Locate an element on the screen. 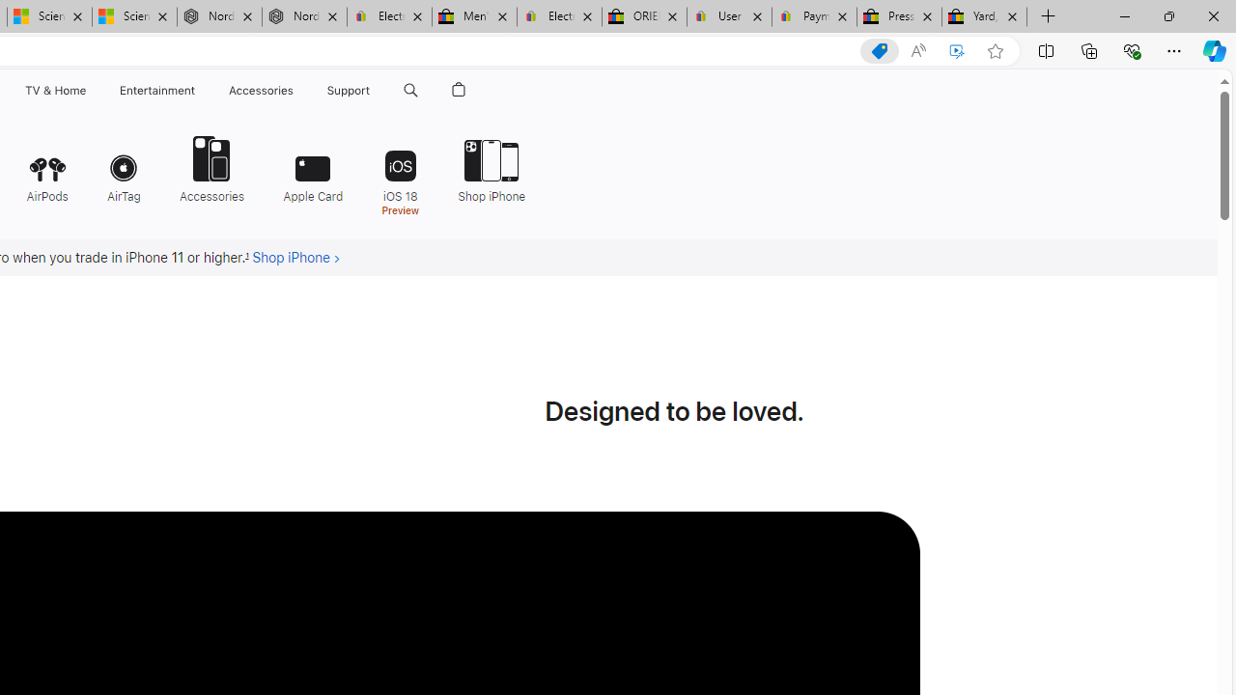 The width and height of the screenshot is (1236, 695). 'Class: globalnav-submenu-trigger-item' is located at coordinates (374, 90).